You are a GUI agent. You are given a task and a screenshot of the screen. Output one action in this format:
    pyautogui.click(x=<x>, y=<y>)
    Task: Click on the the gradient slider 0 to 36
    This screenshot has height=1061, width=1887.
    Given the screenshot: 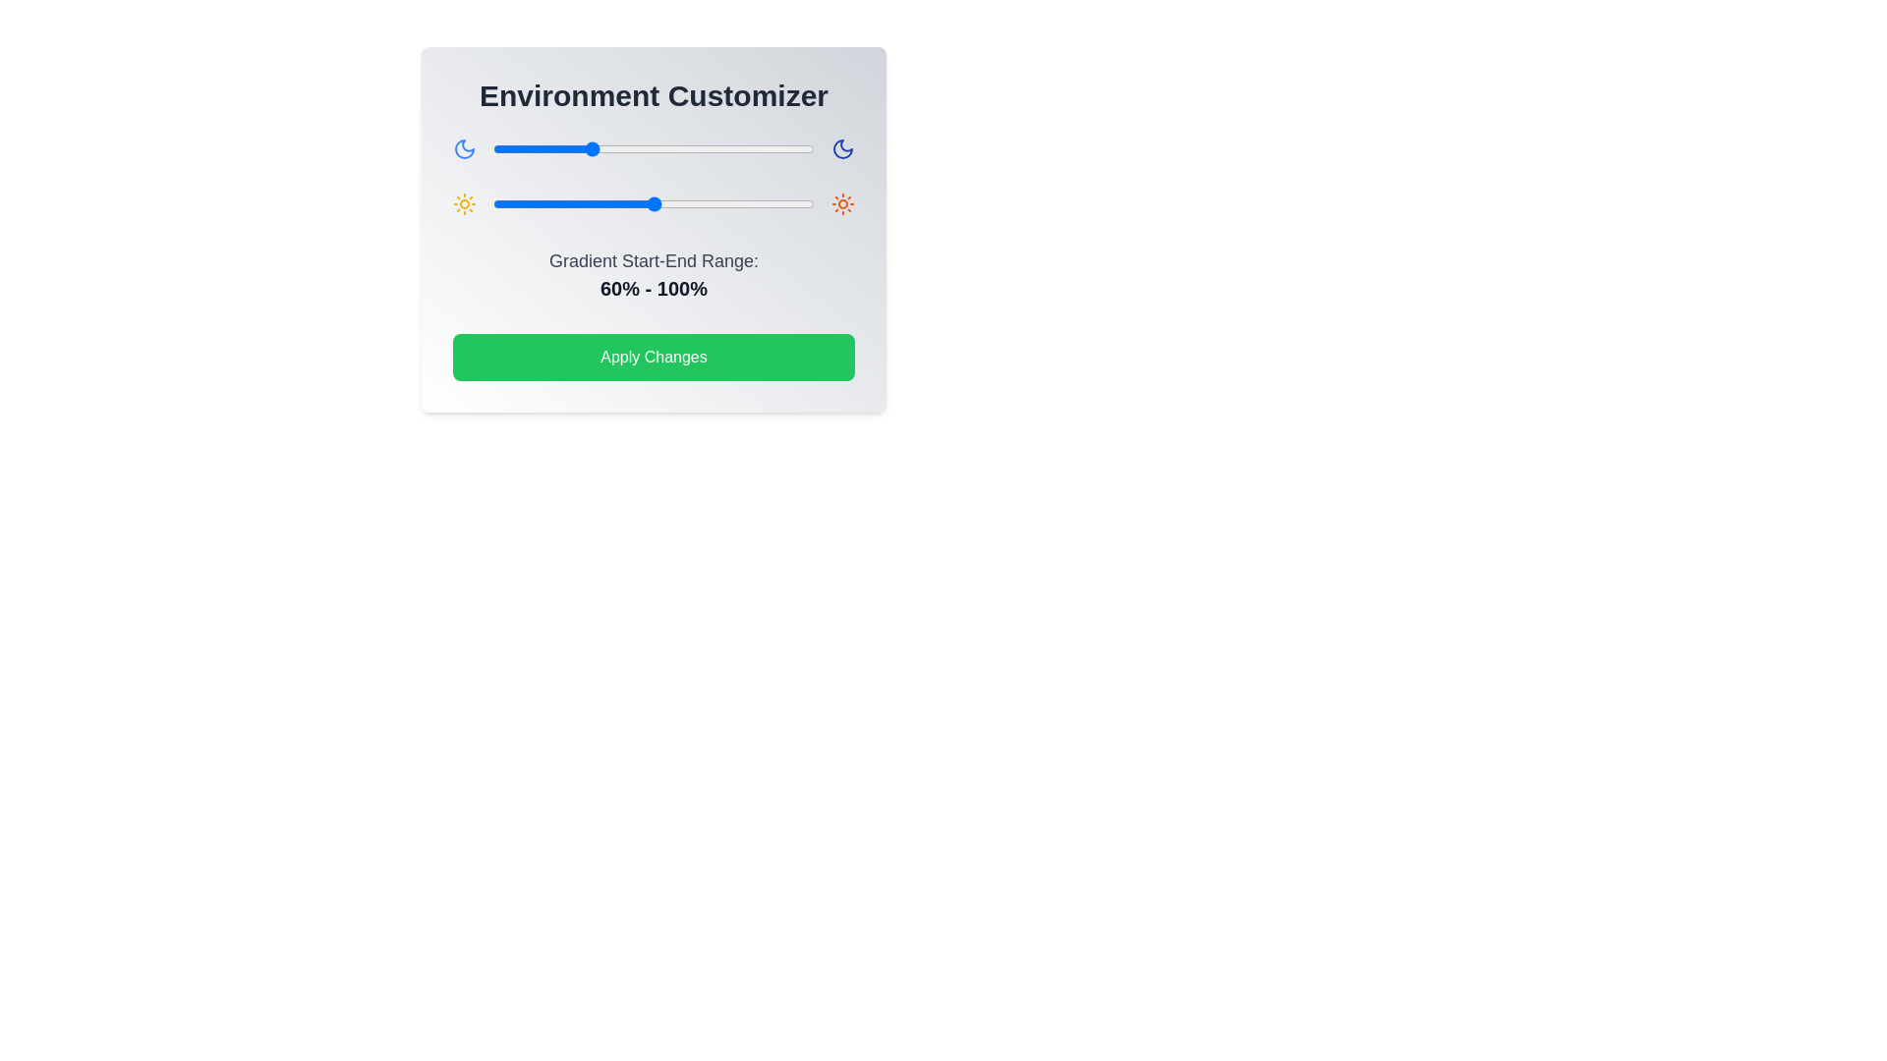 What is the action you would take?
    pyautogui.click(x=550, y=147)
    